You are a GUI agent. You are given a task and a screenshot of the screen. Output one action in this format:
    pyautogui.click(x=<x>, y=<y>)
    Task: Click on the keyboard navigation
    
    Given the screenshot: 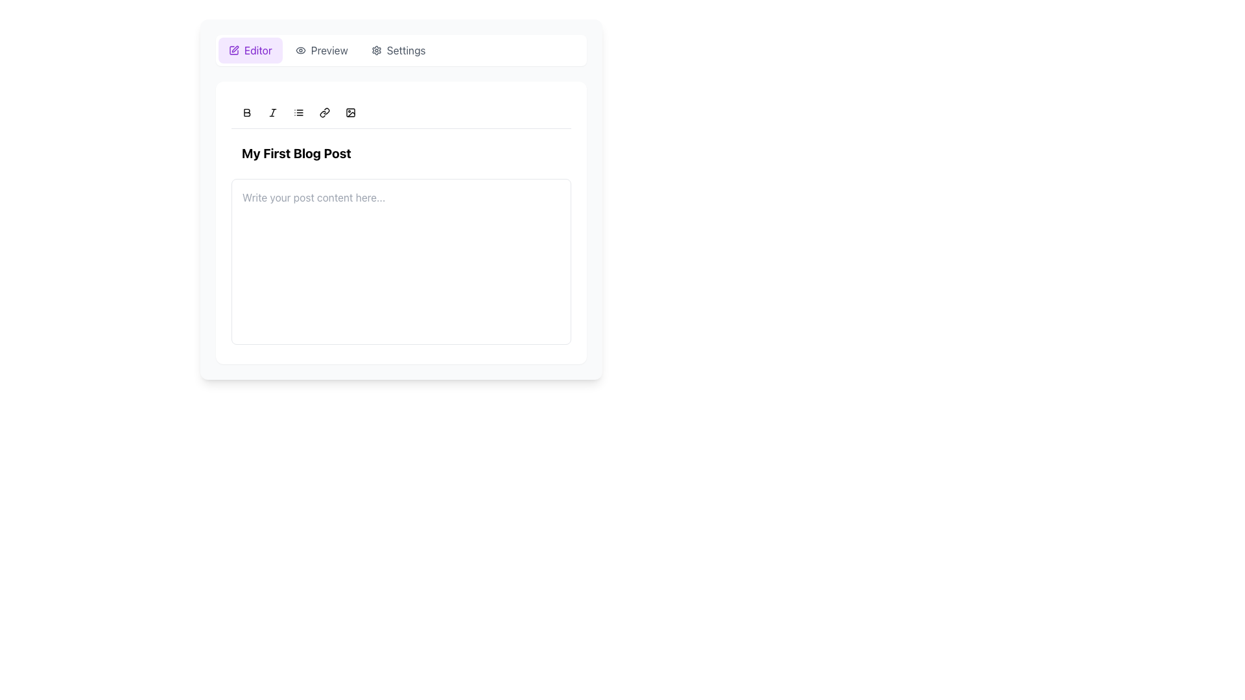 What is the action you would take?
    pyautogui.click(x=246, y=111)
    